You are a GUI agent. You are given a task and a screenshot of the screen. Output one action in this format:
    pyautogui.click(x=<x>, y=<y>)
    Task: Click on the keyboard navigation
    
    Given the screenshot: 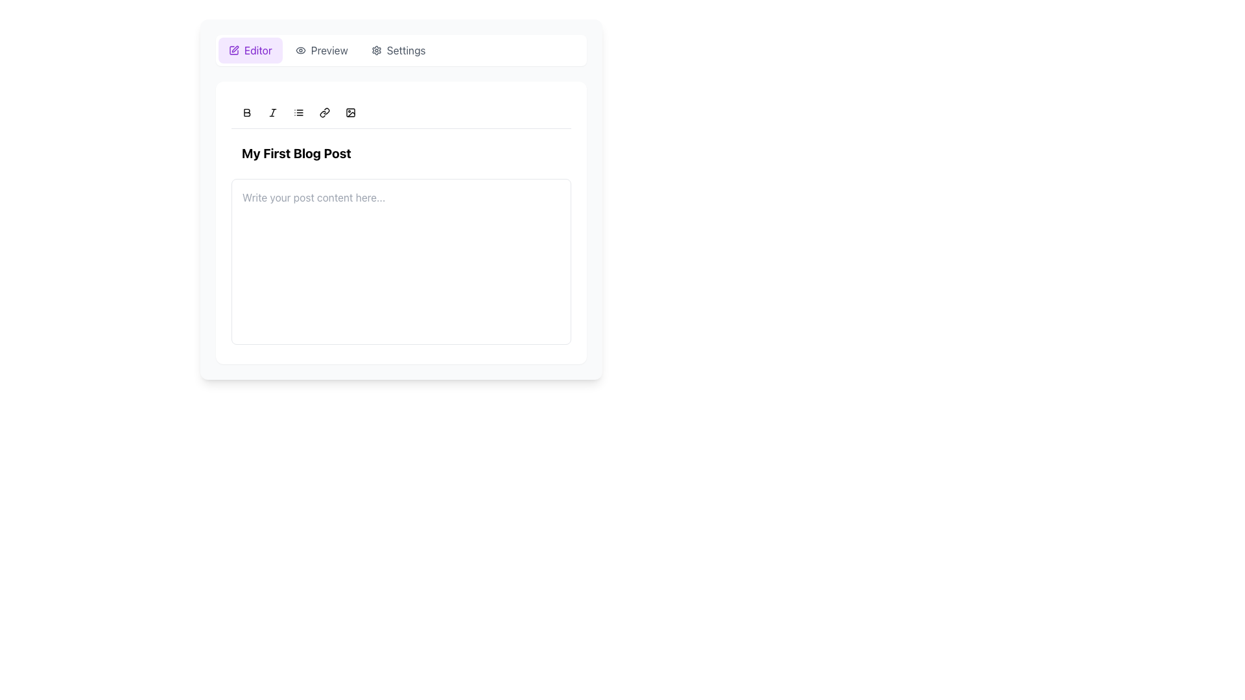 What is the action you would take?
    pyautogui.click(x=246, y=111)
    